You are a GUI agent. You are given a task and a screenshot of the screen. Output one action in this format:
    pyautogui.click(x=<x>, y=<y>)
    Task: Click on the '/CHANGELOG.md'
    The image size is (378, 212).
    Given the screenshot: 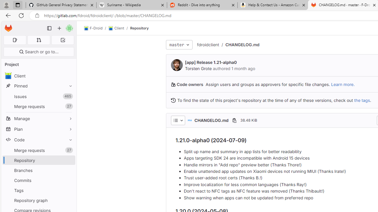 What is the action you would take?
    pyautogui.click(x=239, y=44)
    